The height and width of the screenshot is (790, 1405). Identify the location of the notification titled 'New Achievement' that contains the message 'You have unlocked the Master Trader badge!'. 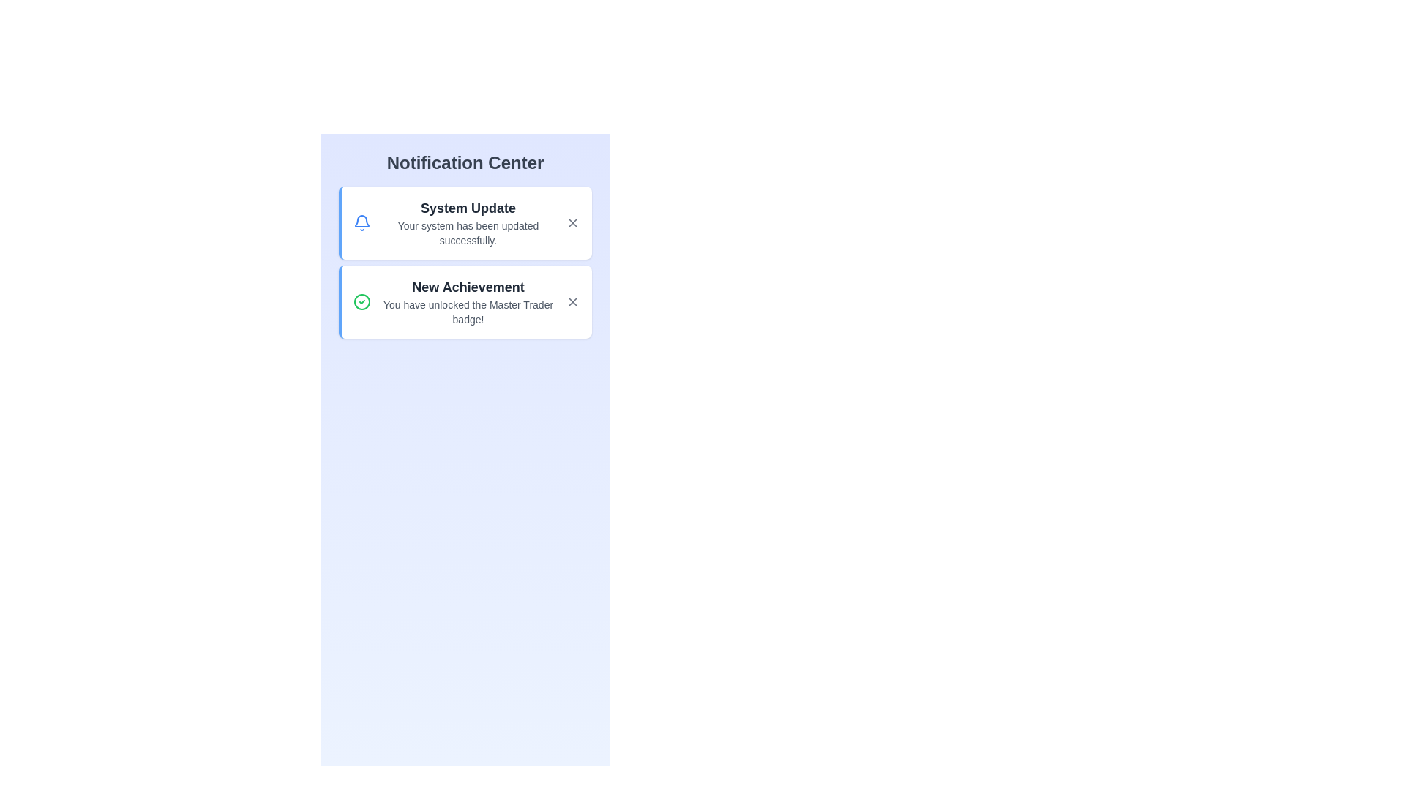
(467, 301).